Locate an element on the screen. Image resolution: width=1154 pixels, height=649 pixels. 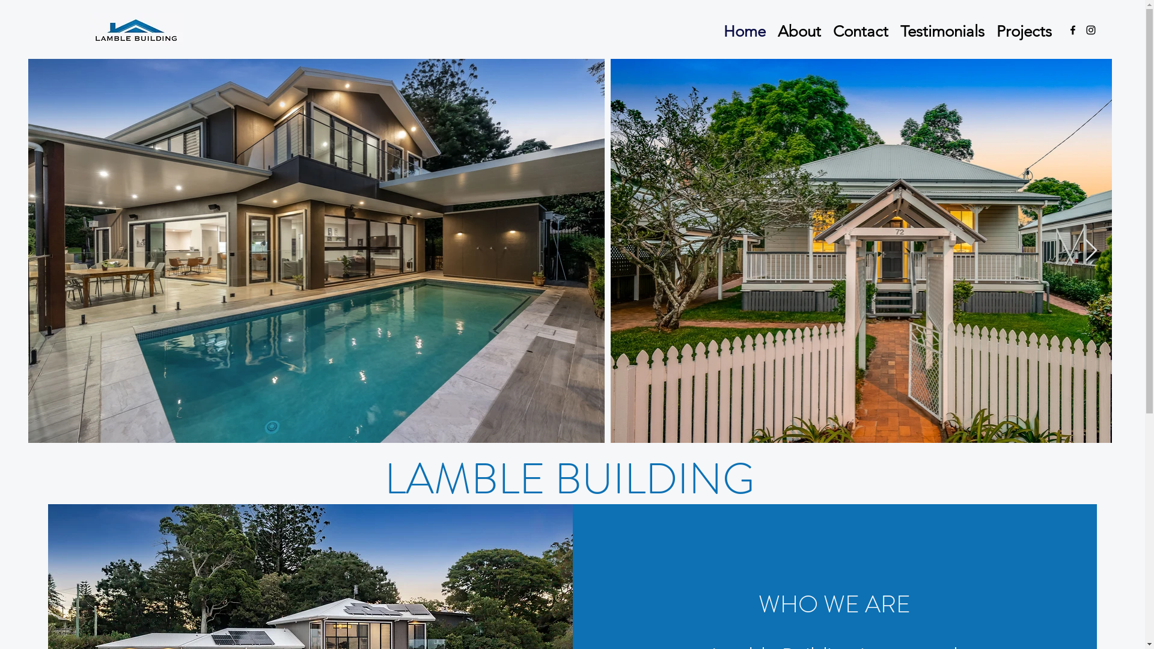
'About' is located at coordinates (799, 29).